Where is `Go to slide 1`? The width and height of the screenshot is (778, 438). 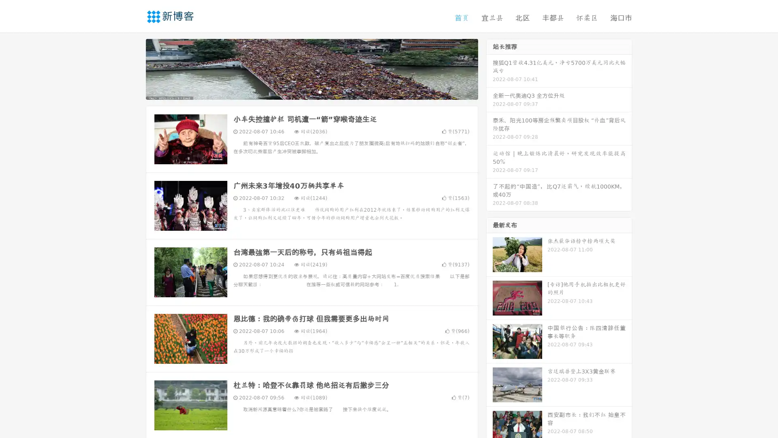 Go to slide 1 is located at coordinates (303, 91).